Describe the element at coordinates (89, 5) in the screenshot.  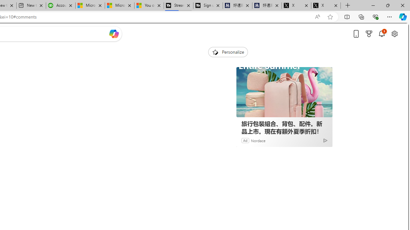
I see `'Microsoft Start Sports'` at that location.